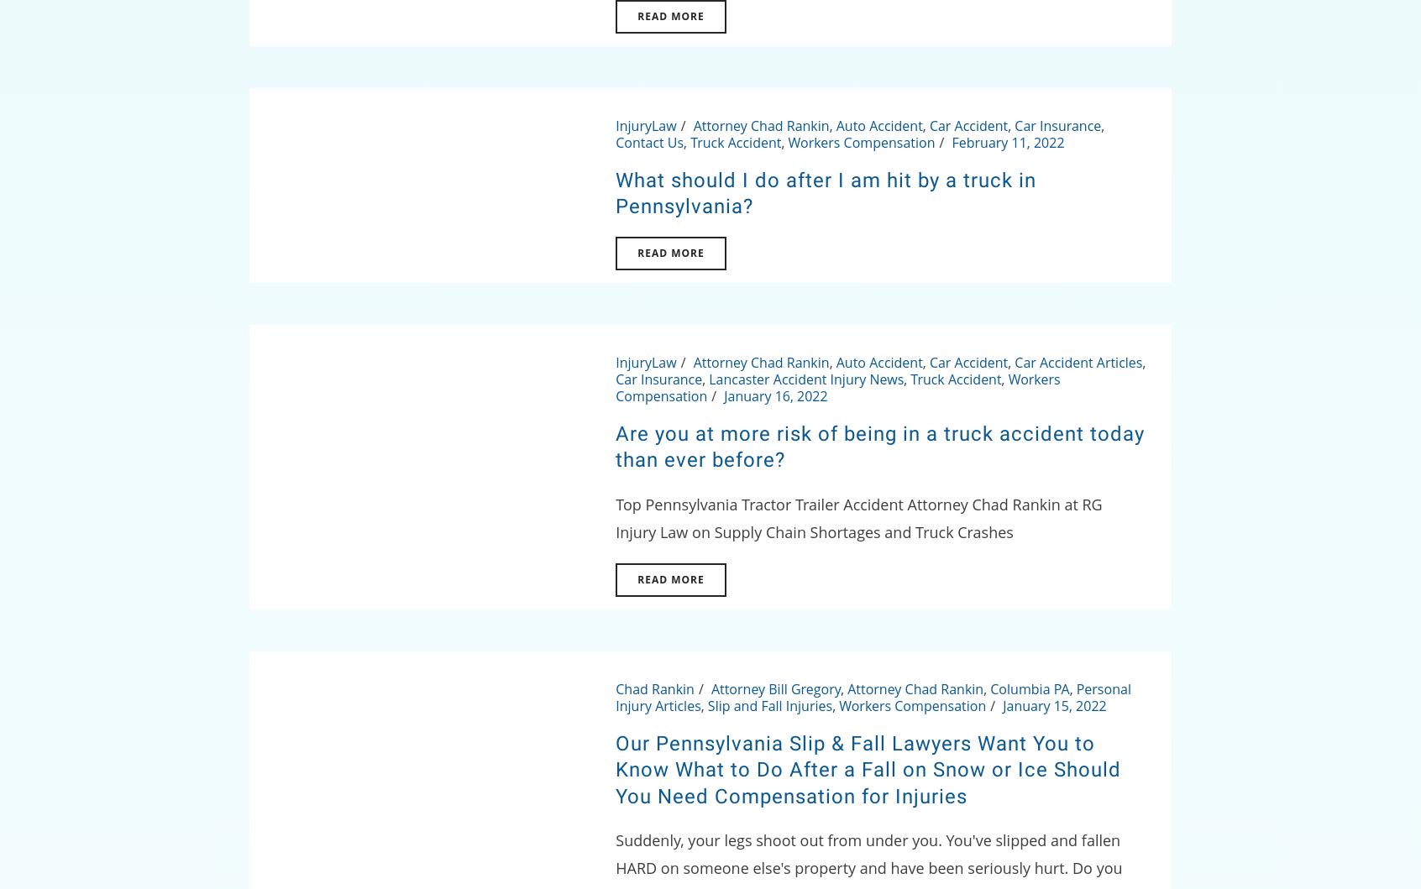  What do you see at coordinates (654, 688) in the screenshot?
I see `'Chad Rankin'` at bounding box center [654, 688].